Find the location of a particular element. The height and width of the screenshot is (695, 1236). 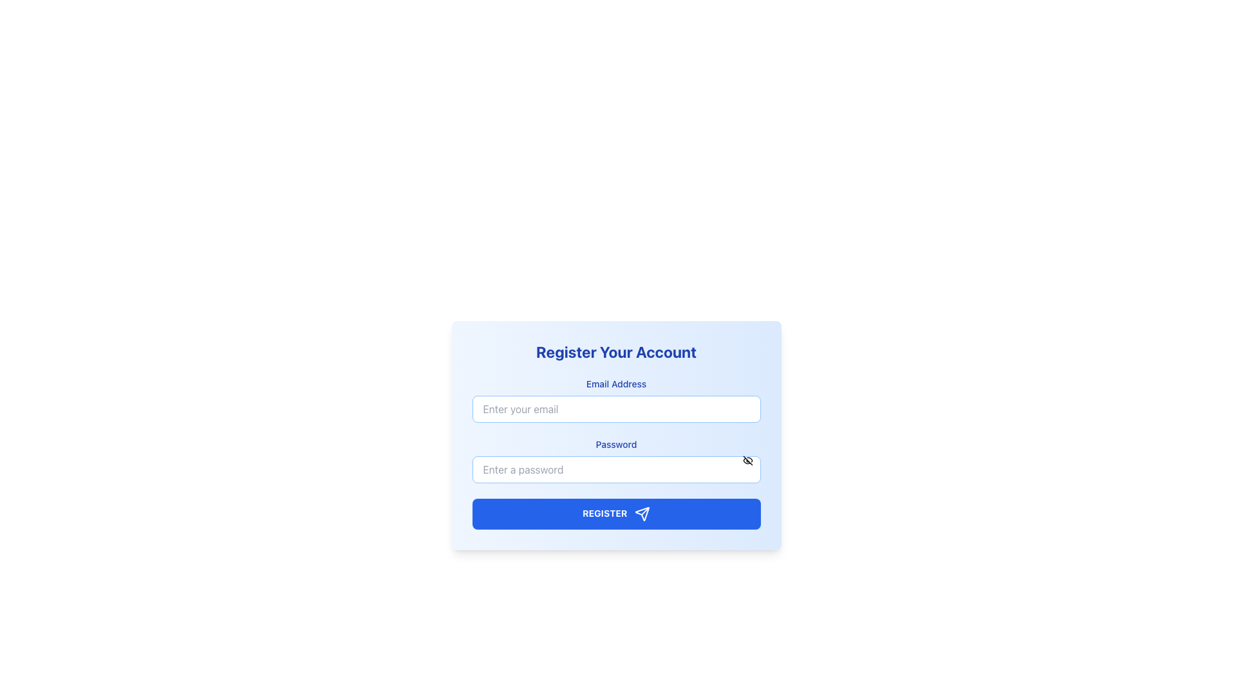

the blue button containing the arrow or paper plane outline icon located to the right of the 'REGISTER' text at the bottom of the registration form is located at coordinates (642, 513).